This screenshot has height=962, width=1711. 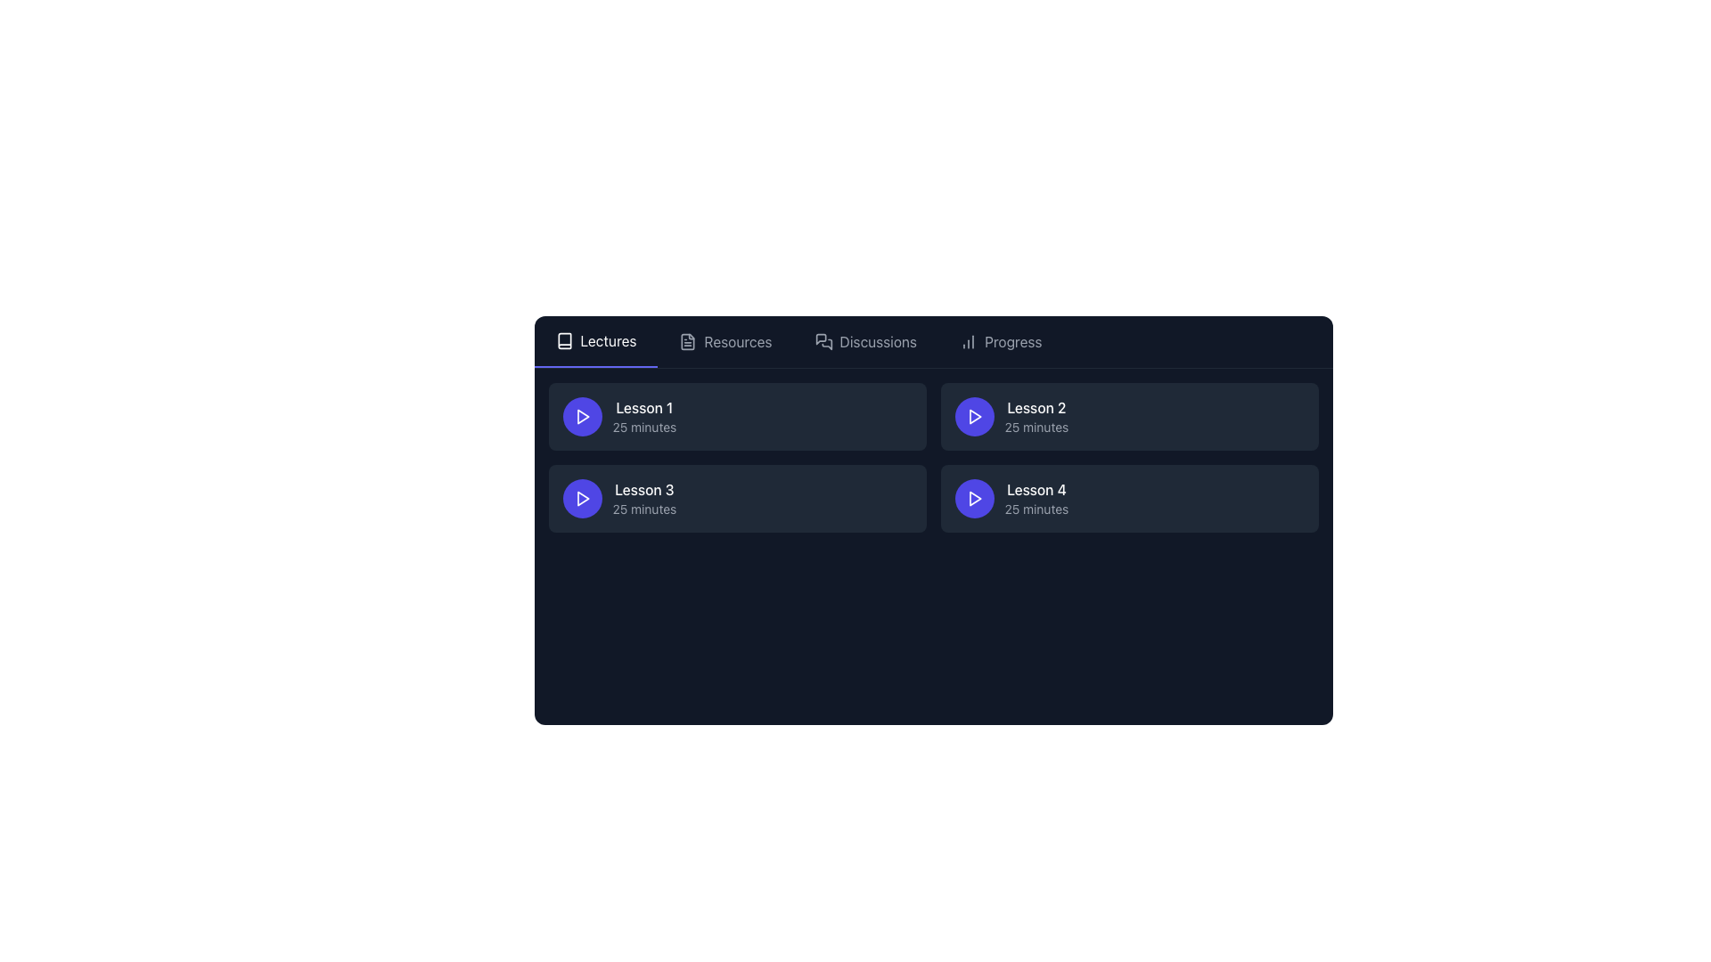 I want to click on the circular play icon located to the left of the 'Lesson 2' text in the middle-right segment of the interface, so click(x=974, y=416).